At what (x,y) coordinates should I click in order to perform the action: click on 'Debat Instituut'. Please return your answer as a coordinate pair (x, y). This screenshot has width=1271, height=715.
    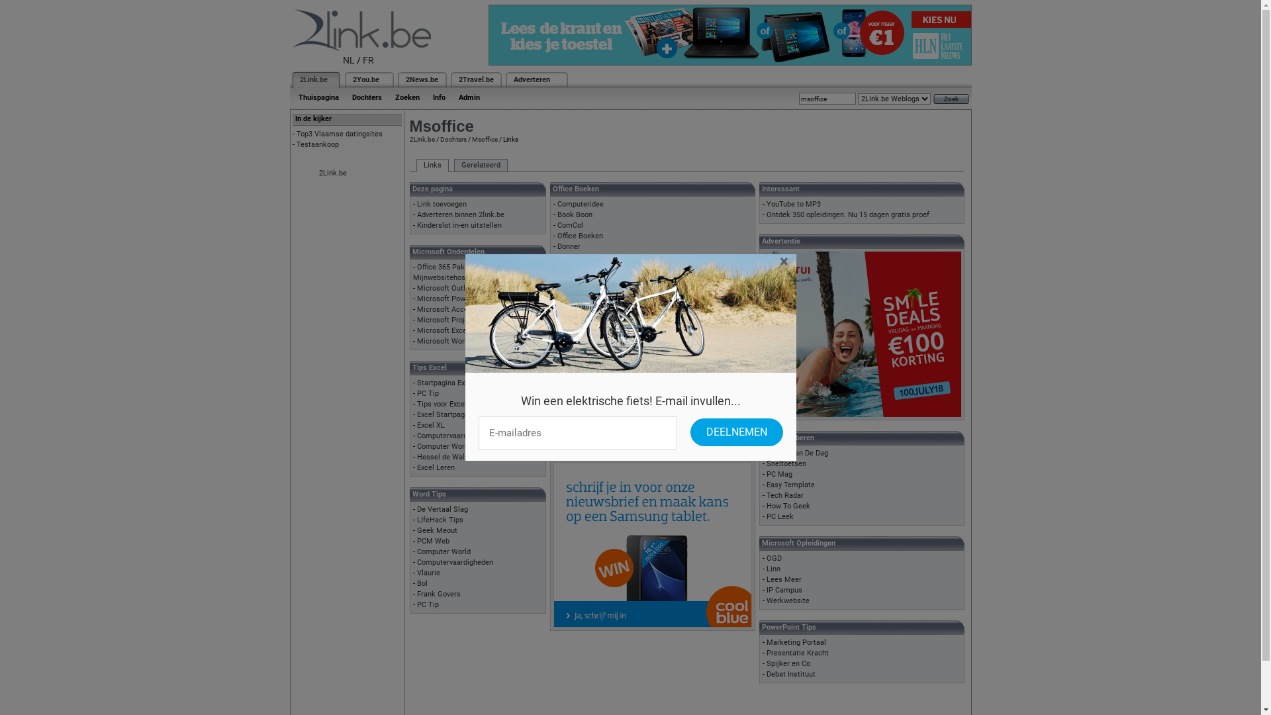
    Looking at the image, I should click on (791, 674).